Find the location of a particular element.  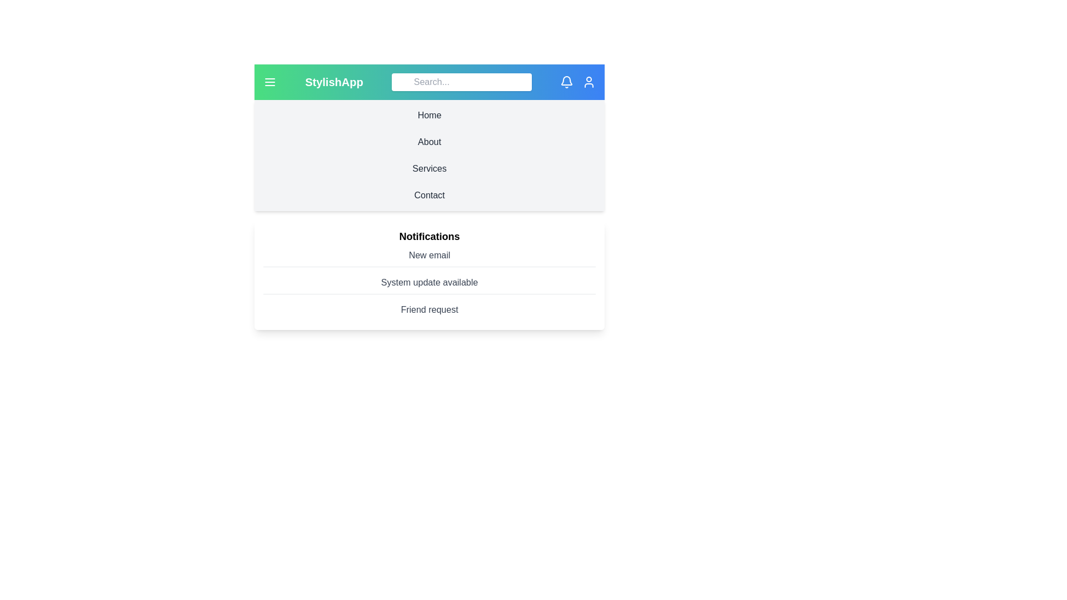

the navigation section Services is located at coordinates (428, 169).